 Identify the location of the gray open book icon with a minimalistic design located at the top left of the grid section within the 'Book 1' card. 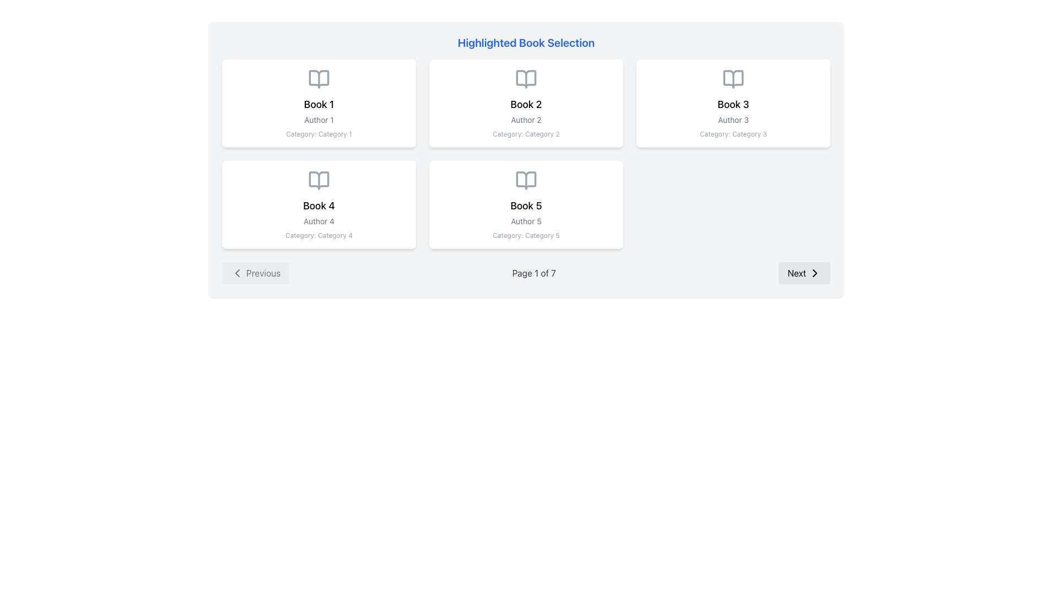
(319, 78).